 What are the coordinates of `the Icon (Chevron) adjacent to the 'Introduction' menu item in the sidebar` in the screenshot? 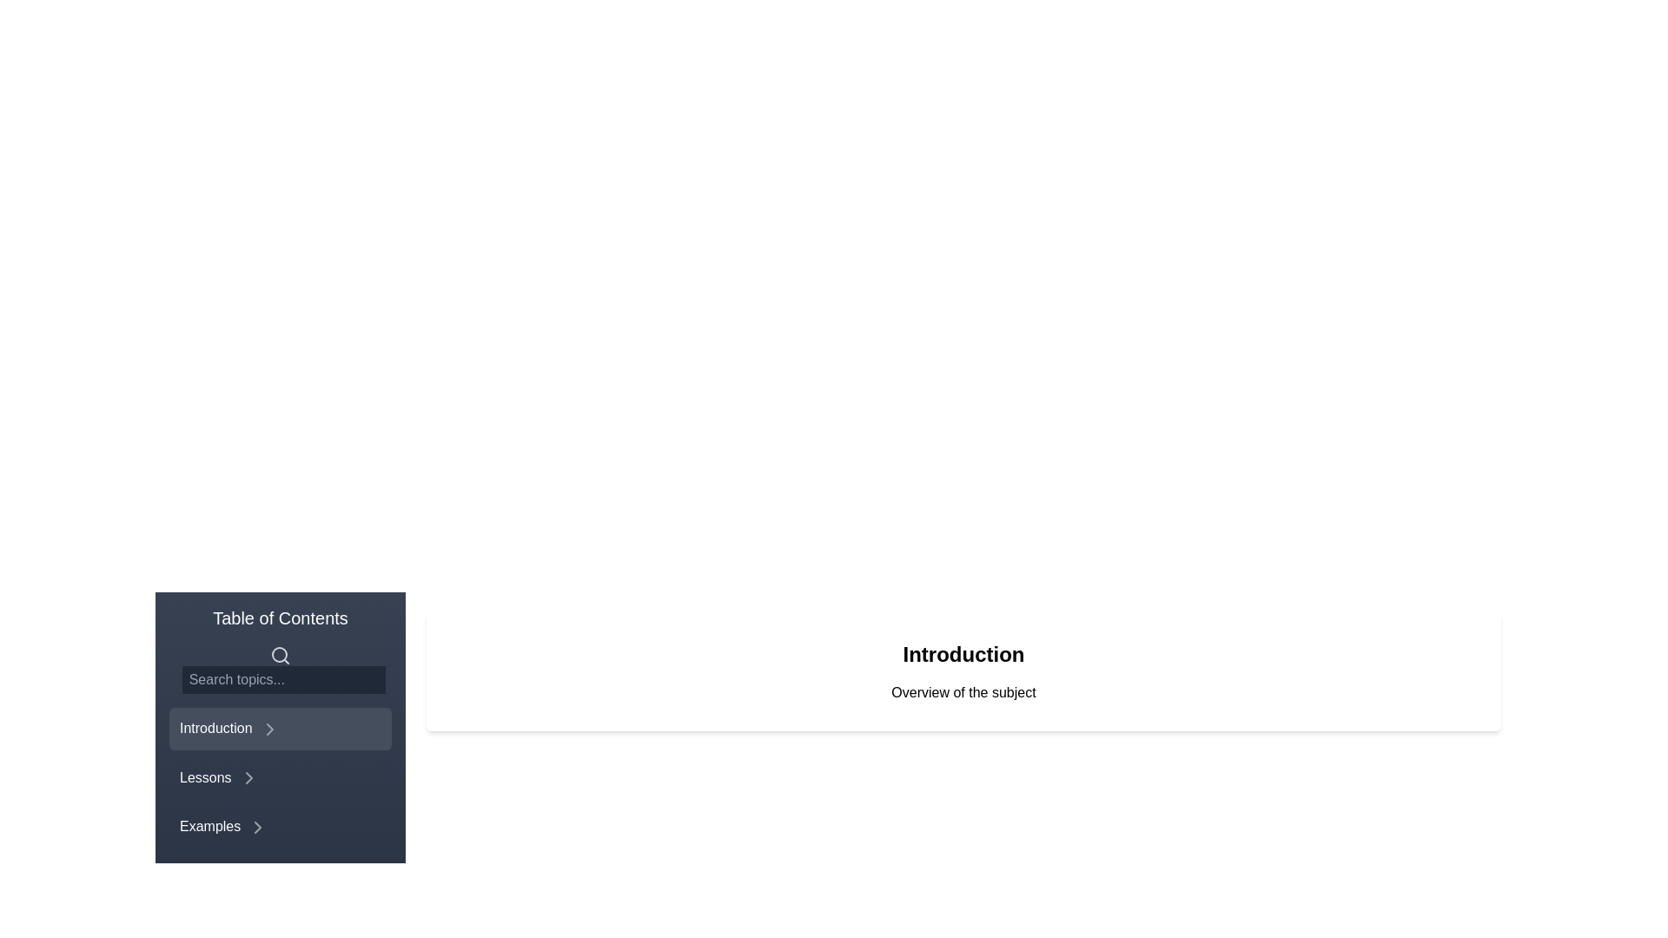 It's located at (268, 729).